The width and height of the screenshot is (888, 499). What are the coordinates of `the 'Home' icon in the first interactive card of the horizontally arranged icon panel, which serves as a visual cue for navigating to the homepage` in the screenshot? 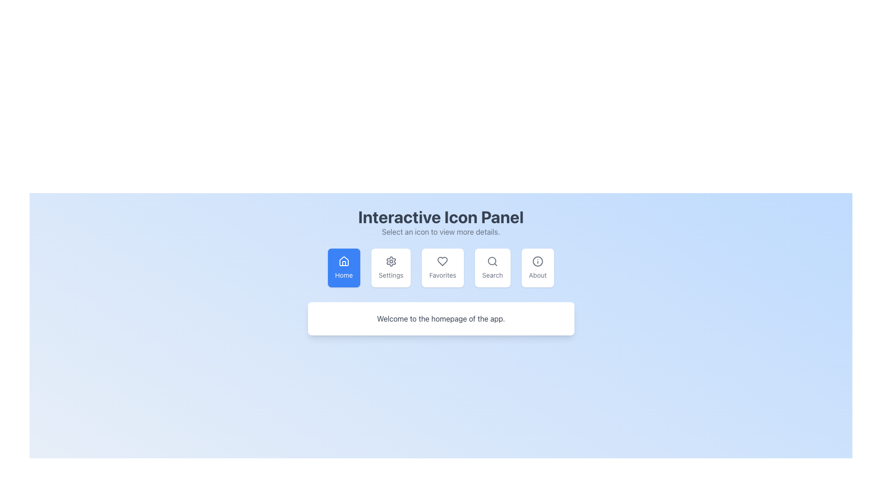 It's located at (343, 262).